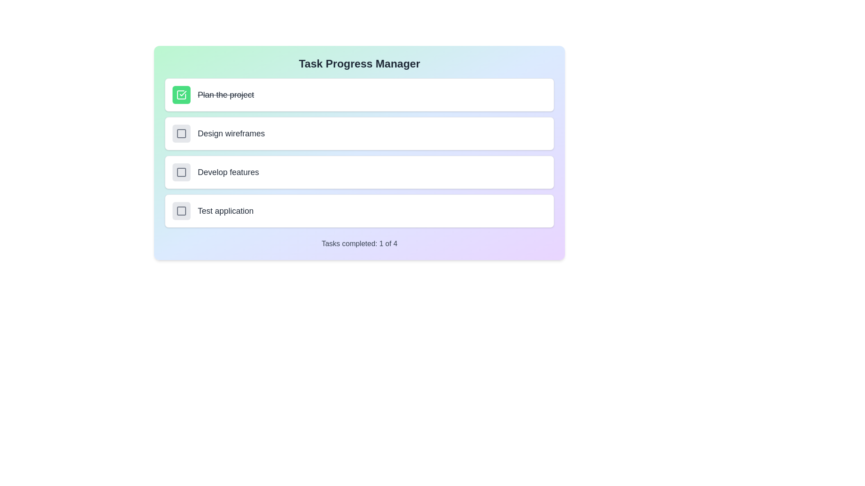 Image resolution: width=865 pixels, height=486 pixels. What do you see at coordinates (215, 172) in the screenshot?
I see `the 'Develop features' checkbox label` at bounding box center [215, 172].